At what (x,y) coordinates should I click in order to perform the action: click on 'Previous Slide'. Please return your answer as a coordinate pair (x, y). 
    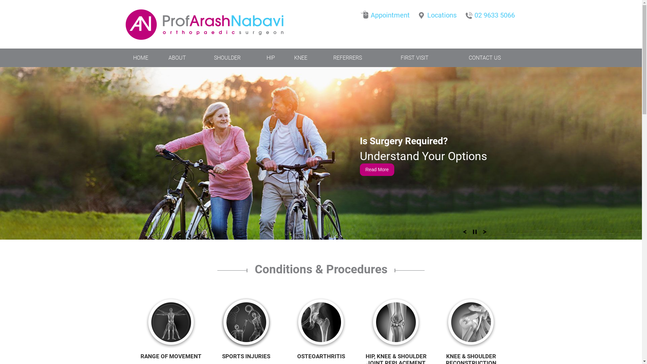
    Looking at the image, I should click on (464, 234).